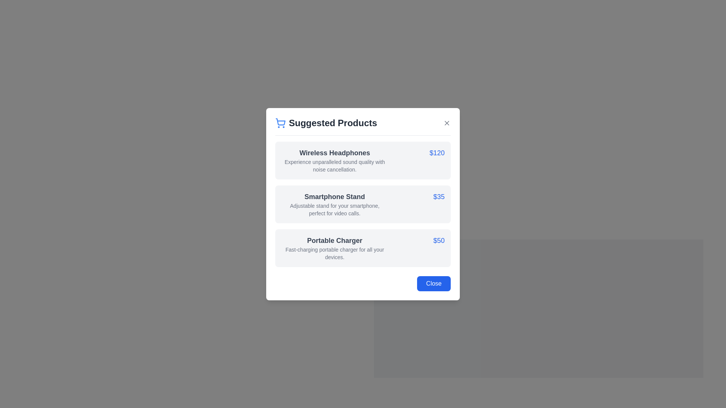 Image resolution: width=726 pixels, height=408 pixels. What do you see at coordinates (280, 121) in the screenshot?
I see `the decorative shopping cart icon located in the top-left corner of the 'Suggested Products' modal, specifically between the two circles representing the wheels` at bounding box center [280, 121].